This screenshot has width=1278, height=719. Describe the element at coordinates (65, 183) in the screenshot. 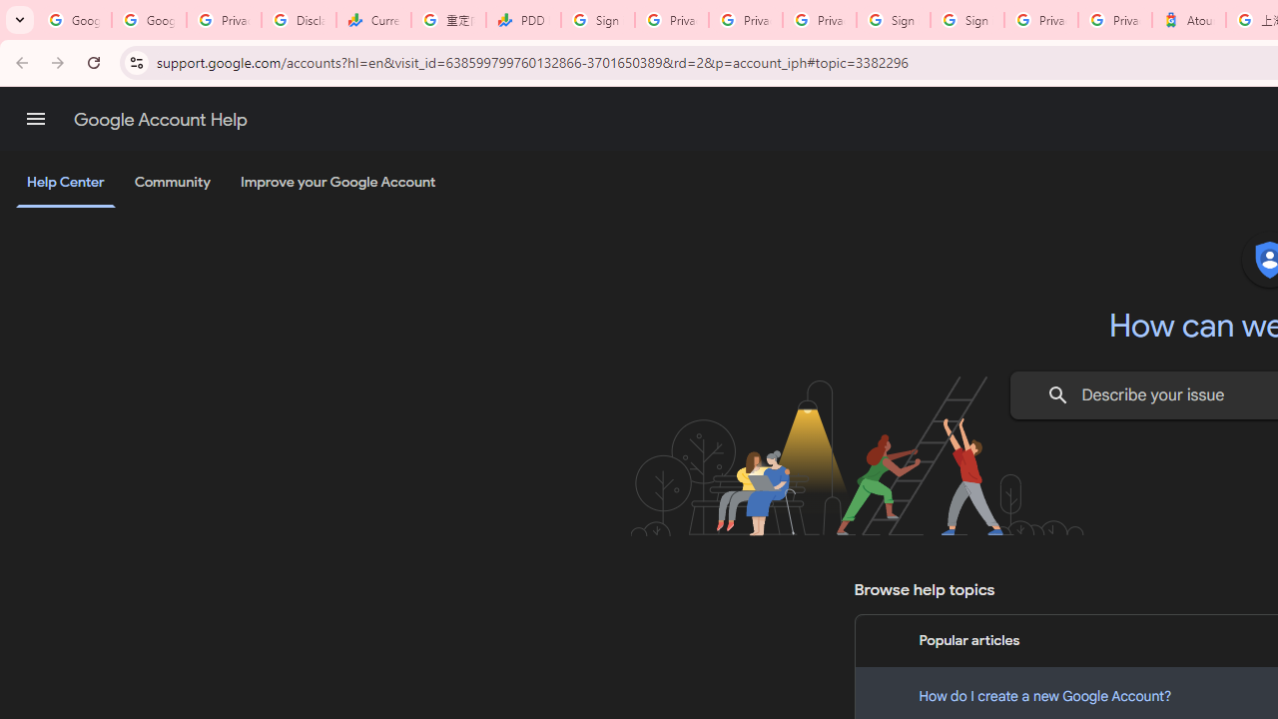

I see `'Help Center'` at that location.